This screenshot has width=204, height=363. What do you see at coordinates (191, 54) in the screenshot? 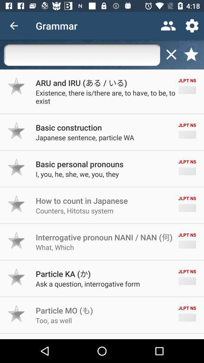
I see `find favorites` at bounding box center [191, 54].